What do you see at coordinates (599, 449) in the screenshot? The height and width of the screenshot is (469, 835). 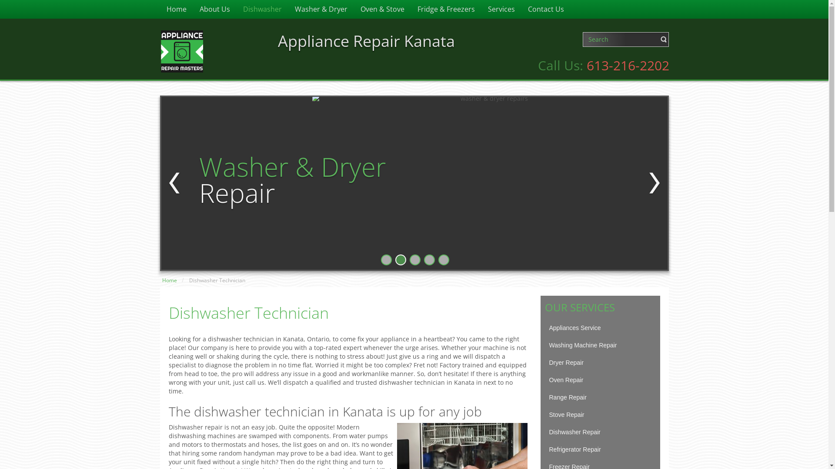 I see `'Refrigerator Repair'` at bounding box center [599, 449].